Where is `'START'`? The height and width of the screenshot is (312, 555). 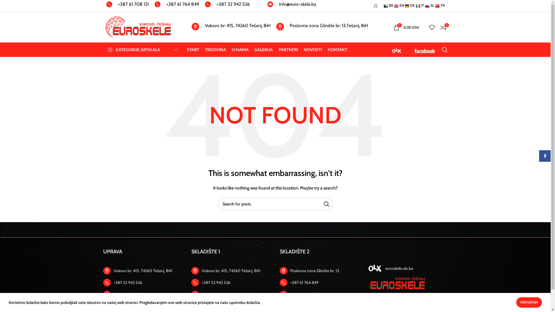 'START' is located at coordinates (193, 49).